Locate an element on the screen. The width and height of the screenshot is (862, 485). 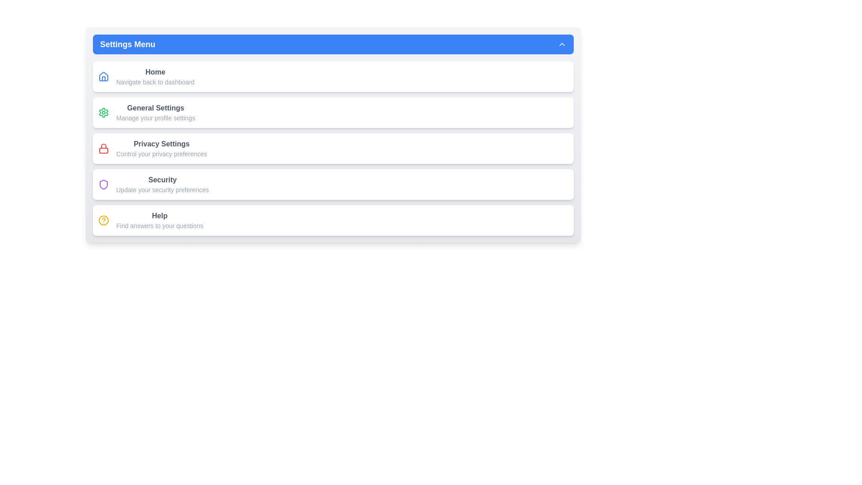
the yellow circular icon with a question mark in the Help section of the settings menu, located to the left of the 'Help' text is located at coordinates (103, 220).